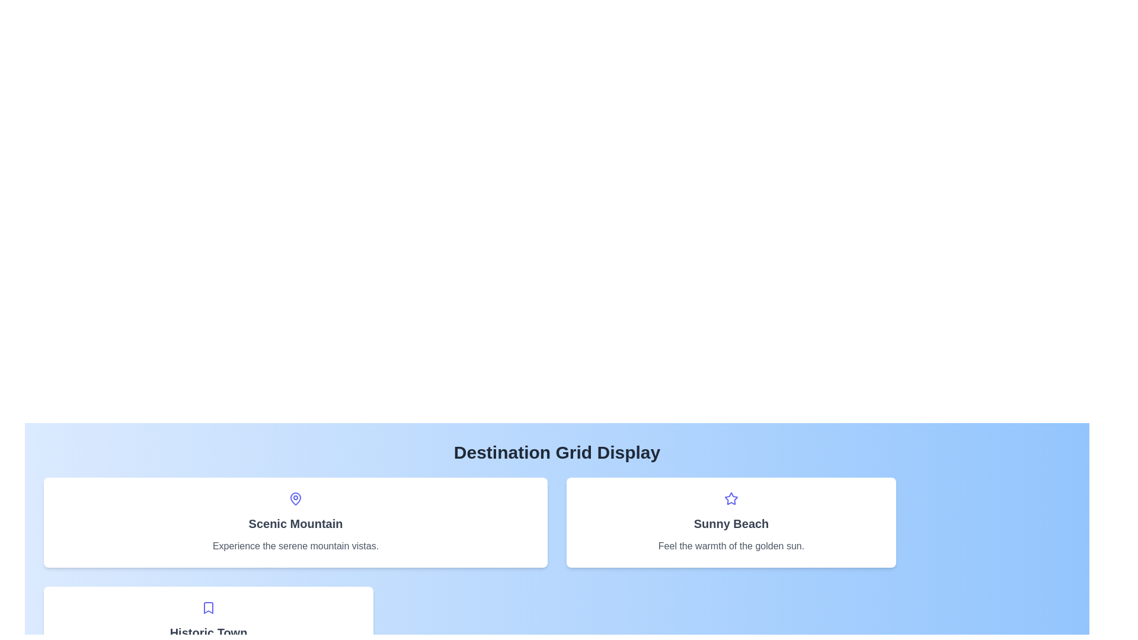  I want to click on the decorative status icon in the heading section of the 'Sunny Beach' card, located at the top-right of the interface's card grid layout, so click(730, 498).